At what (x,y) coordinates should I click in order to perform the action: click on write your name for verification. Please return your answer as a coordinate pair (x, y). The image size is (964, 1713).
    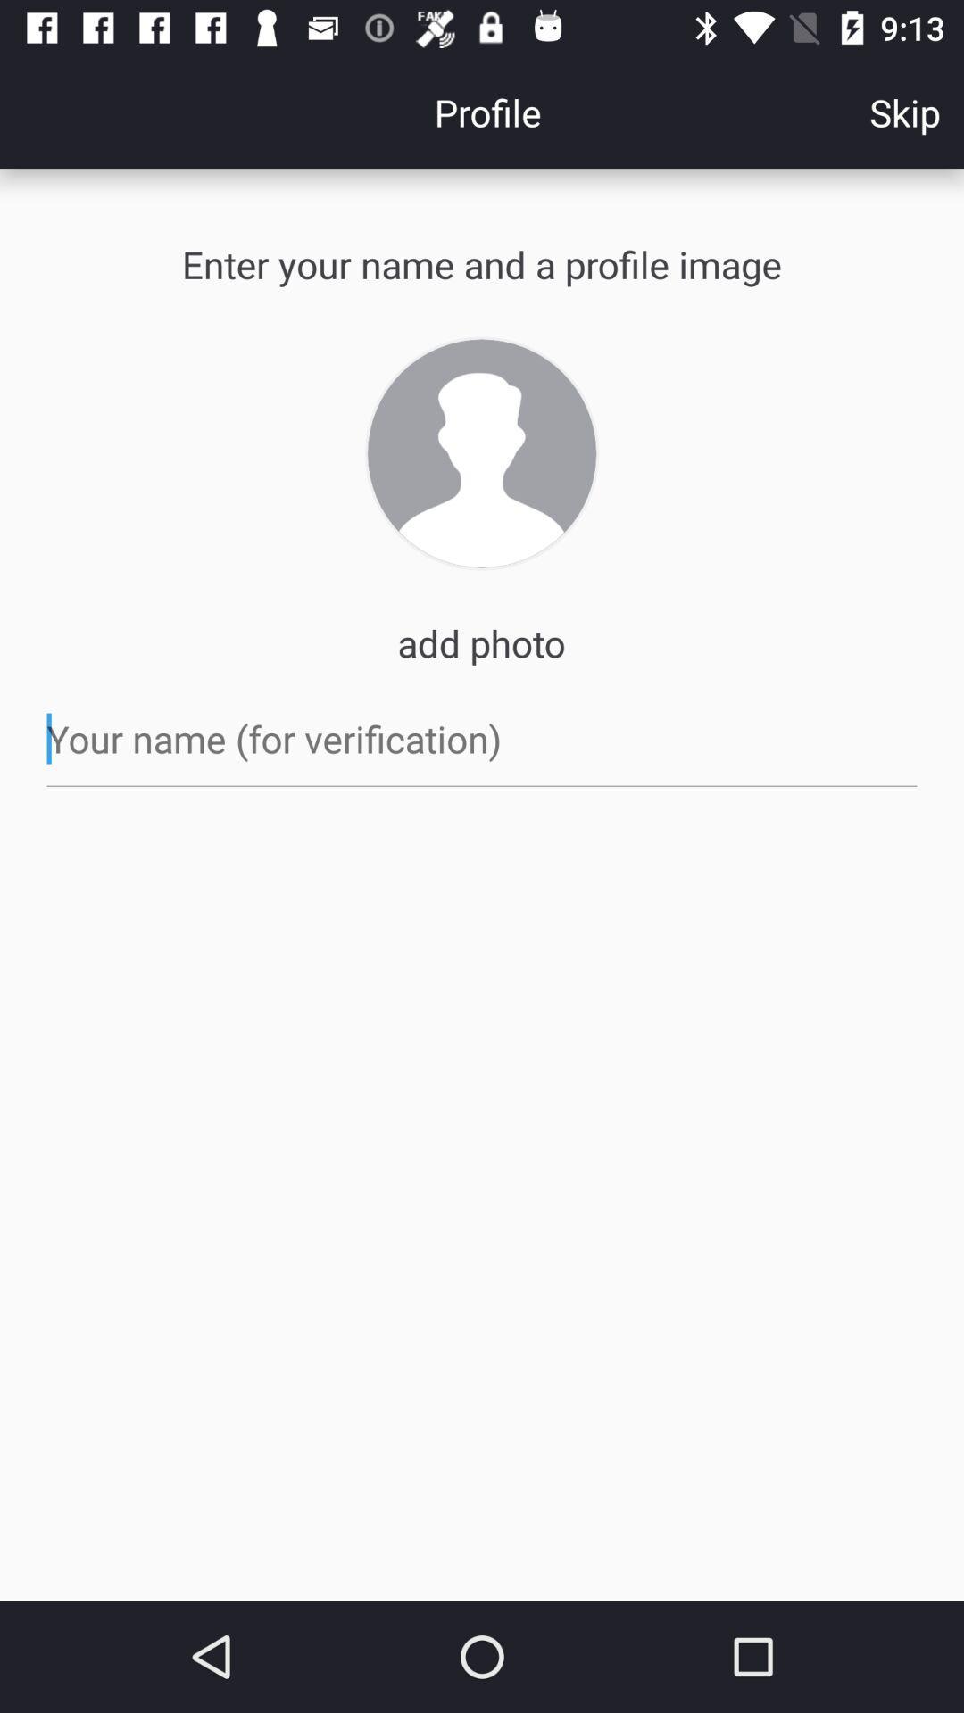
    Looking at the image, I should click on (482, 739).